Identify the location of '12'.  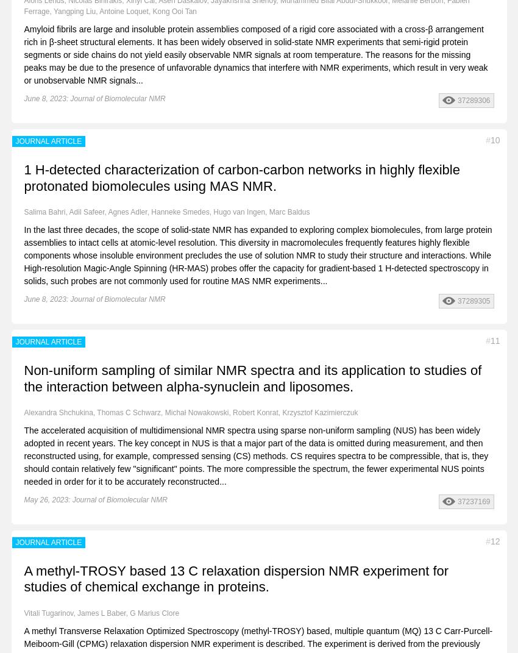
(489, 541).